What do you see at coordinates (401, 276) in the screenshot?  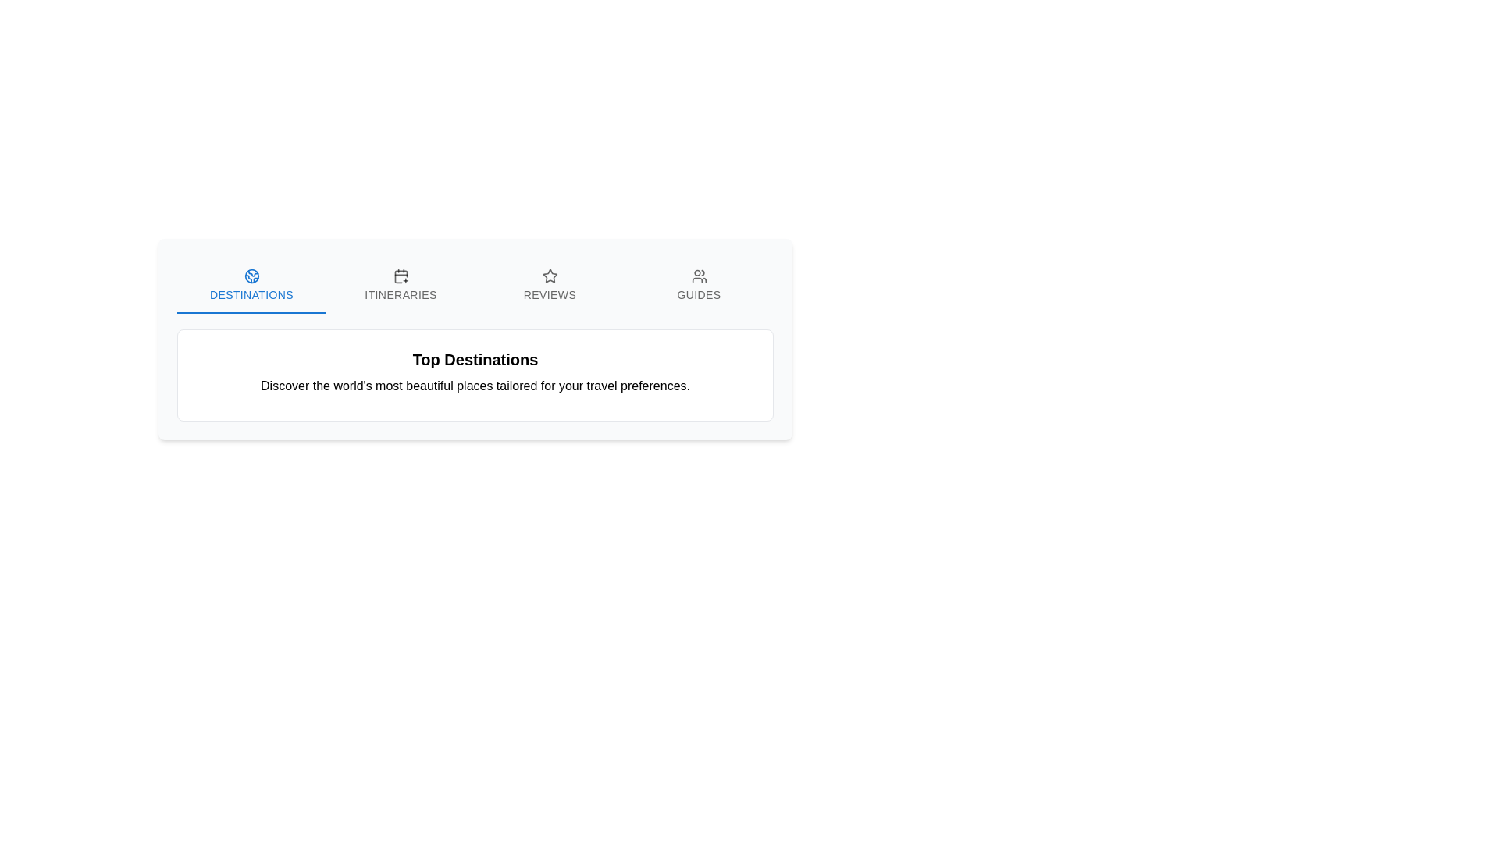 I see `the 'ITINERARIES' icon in the horizontal menu layout at the top-center of the user interface` at bounding box center [401, 276].